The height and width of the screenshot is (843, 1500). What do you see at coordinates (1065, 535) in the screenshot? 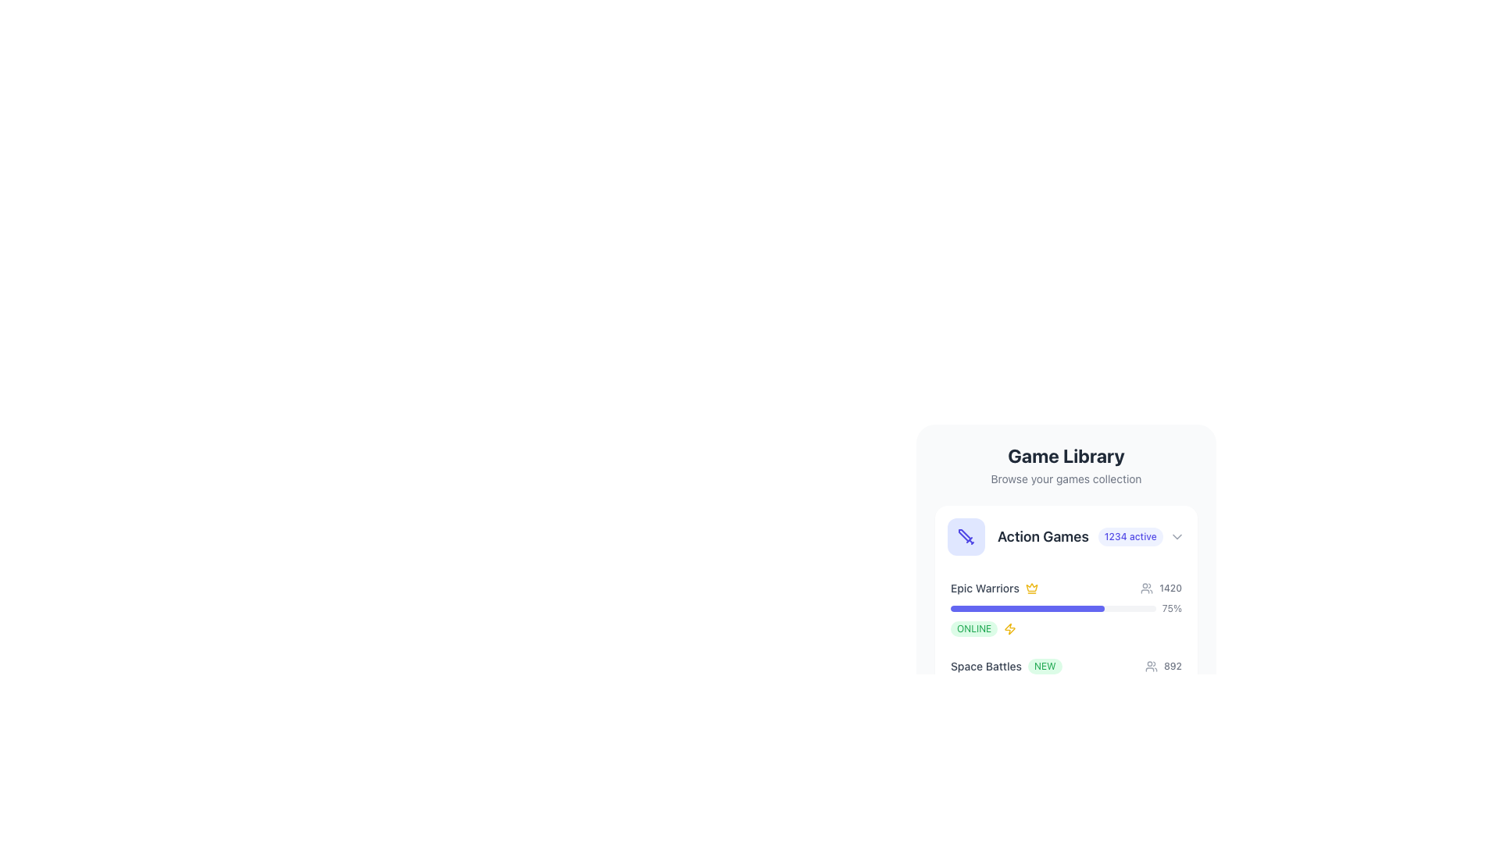
I see `the 'Action Games' interactive card located in the center-right portion of the interface under the title 'Game Library'` at bounding box center [1065, 535].